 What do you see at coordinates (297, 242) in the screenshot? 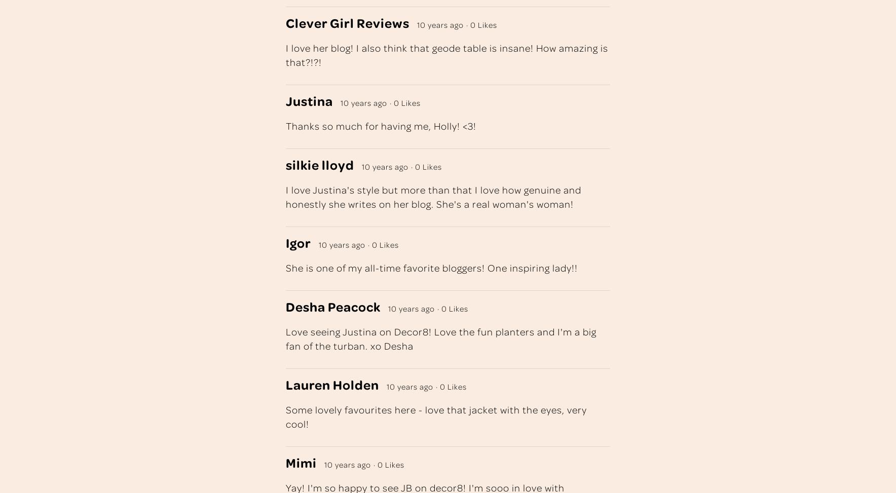
I see `'Igor'` at bounding box center [297, 242].